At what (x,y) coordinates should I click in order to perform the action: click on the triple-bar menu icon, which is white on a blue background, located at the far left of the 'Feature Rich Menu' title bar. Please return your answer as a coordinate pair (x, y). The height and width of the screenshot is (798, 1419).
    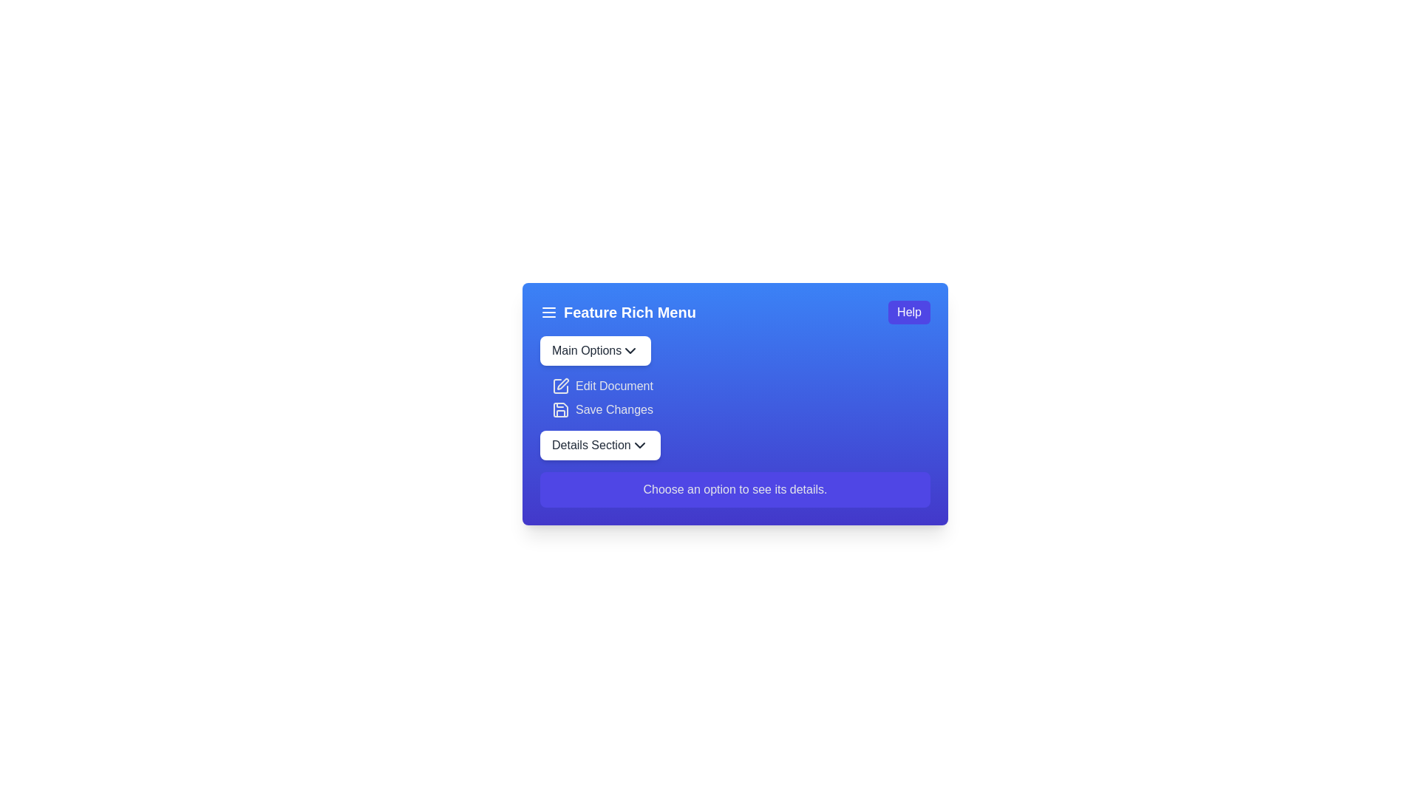
    Looking at the image, I should click on (548, 312).